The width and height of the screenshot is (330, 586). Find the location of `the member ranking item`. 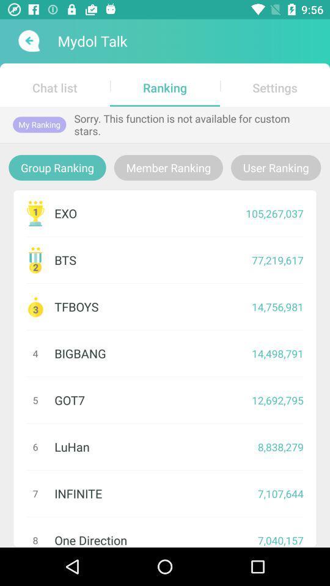

the member ranking item is located at coordinates (167, 167).